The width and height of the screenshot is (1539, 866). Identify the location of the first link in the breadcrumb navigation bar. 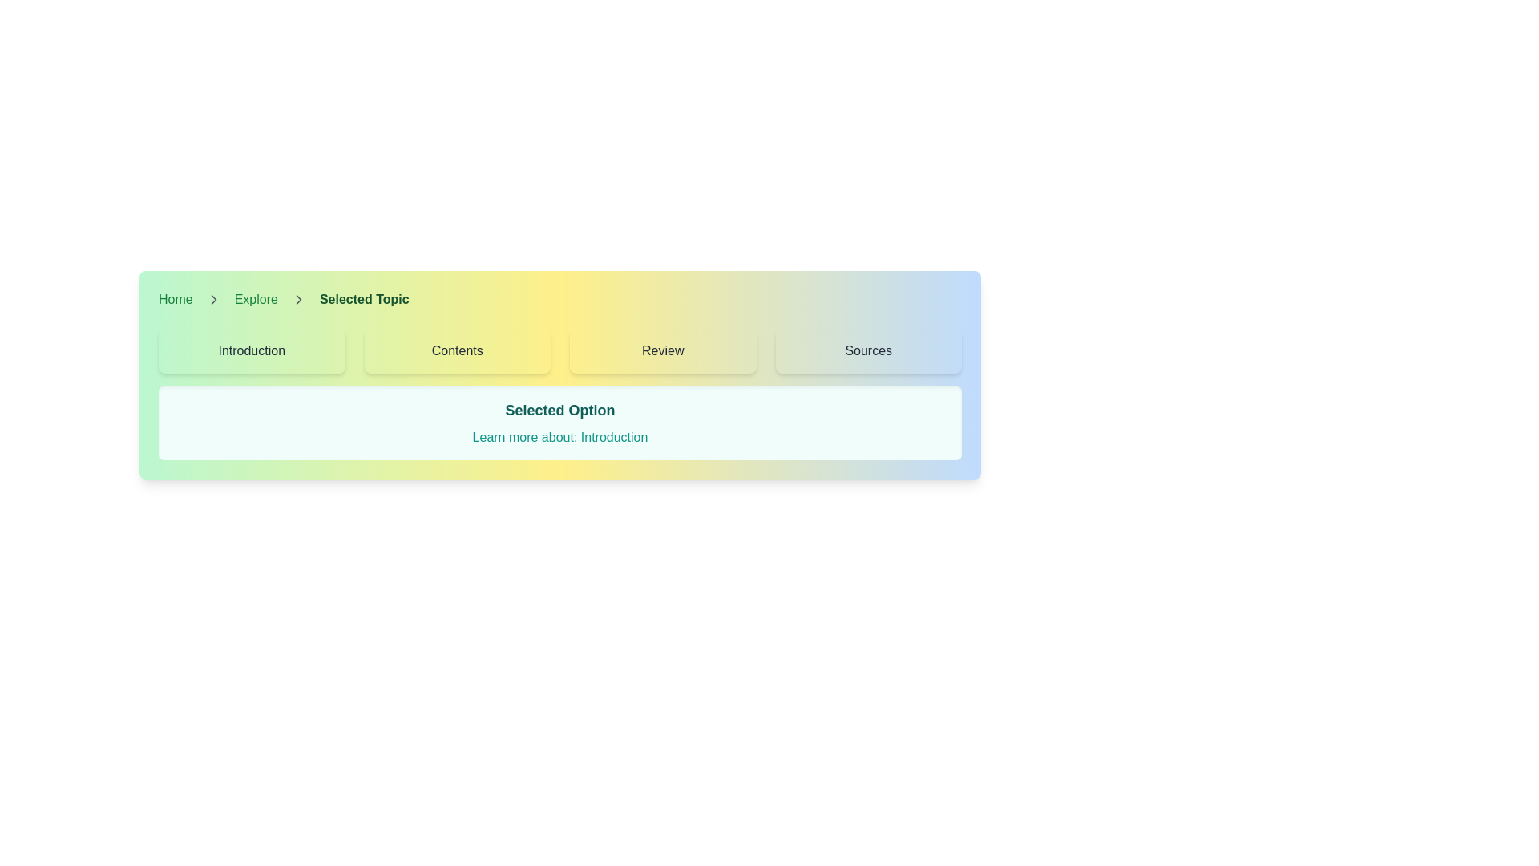
(176, 300).